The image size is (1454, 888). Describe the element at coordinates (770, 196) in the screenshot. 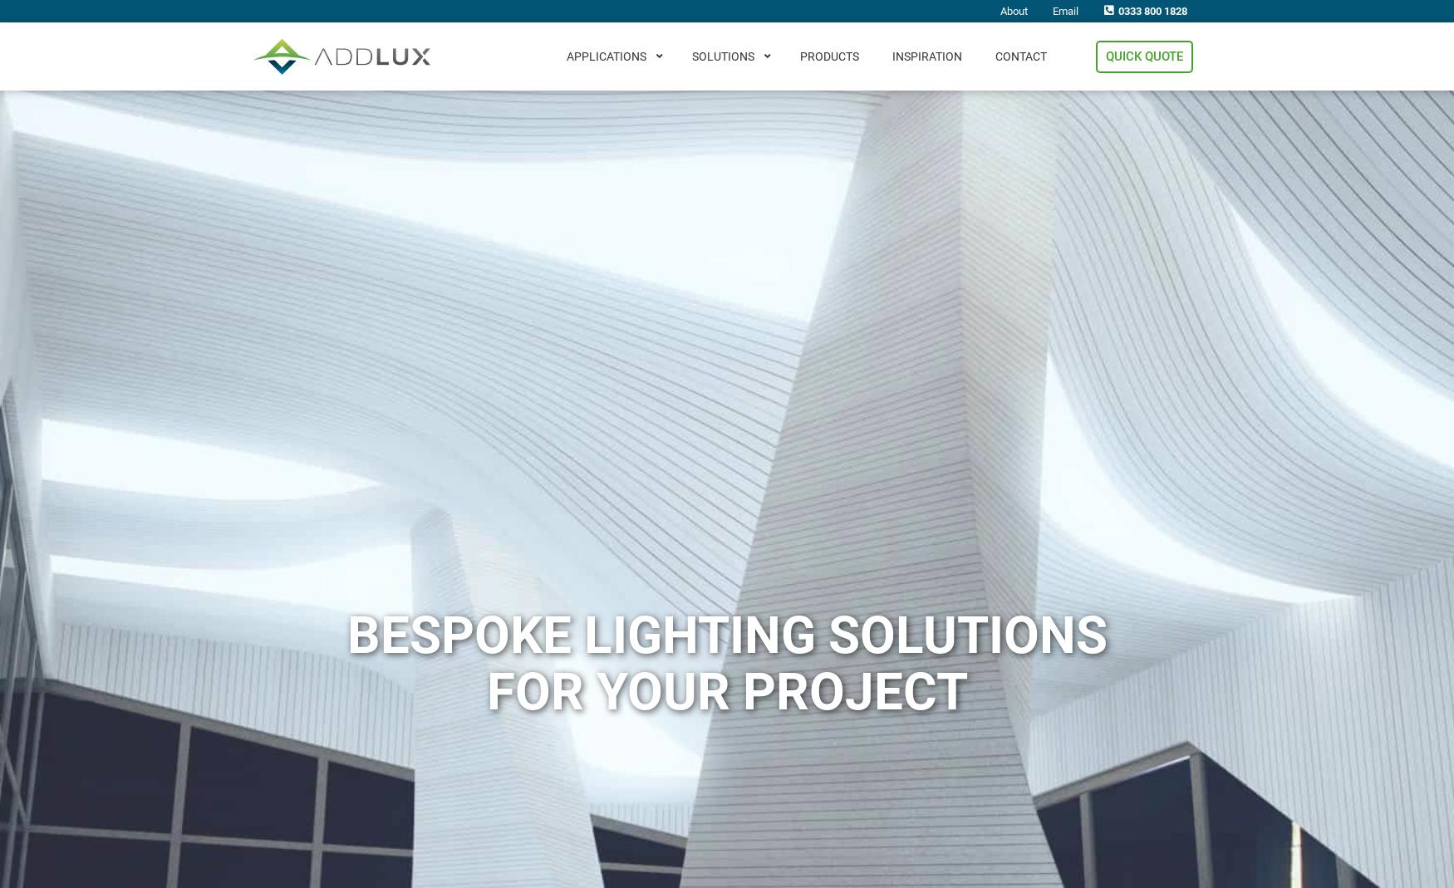

I see `'Sign Lighting'` at that location.